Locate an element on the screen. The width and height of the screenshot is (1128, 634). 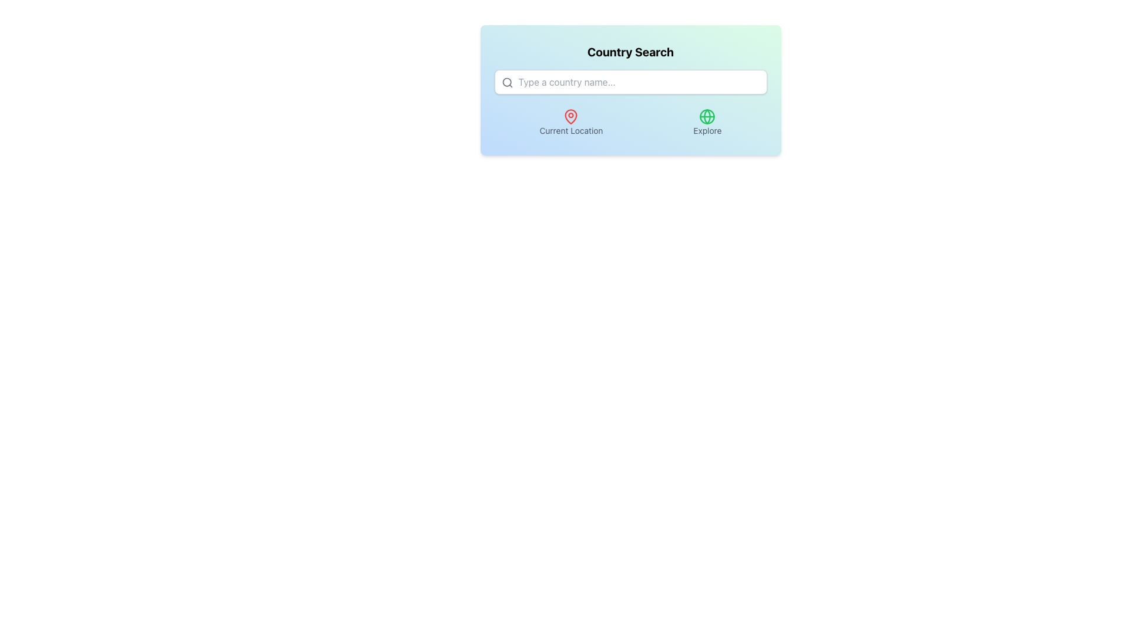
the current location icon, which is positioned to the left of the 'Explore' element and above the 'Current Location' text is located at coordinates (571, 117).